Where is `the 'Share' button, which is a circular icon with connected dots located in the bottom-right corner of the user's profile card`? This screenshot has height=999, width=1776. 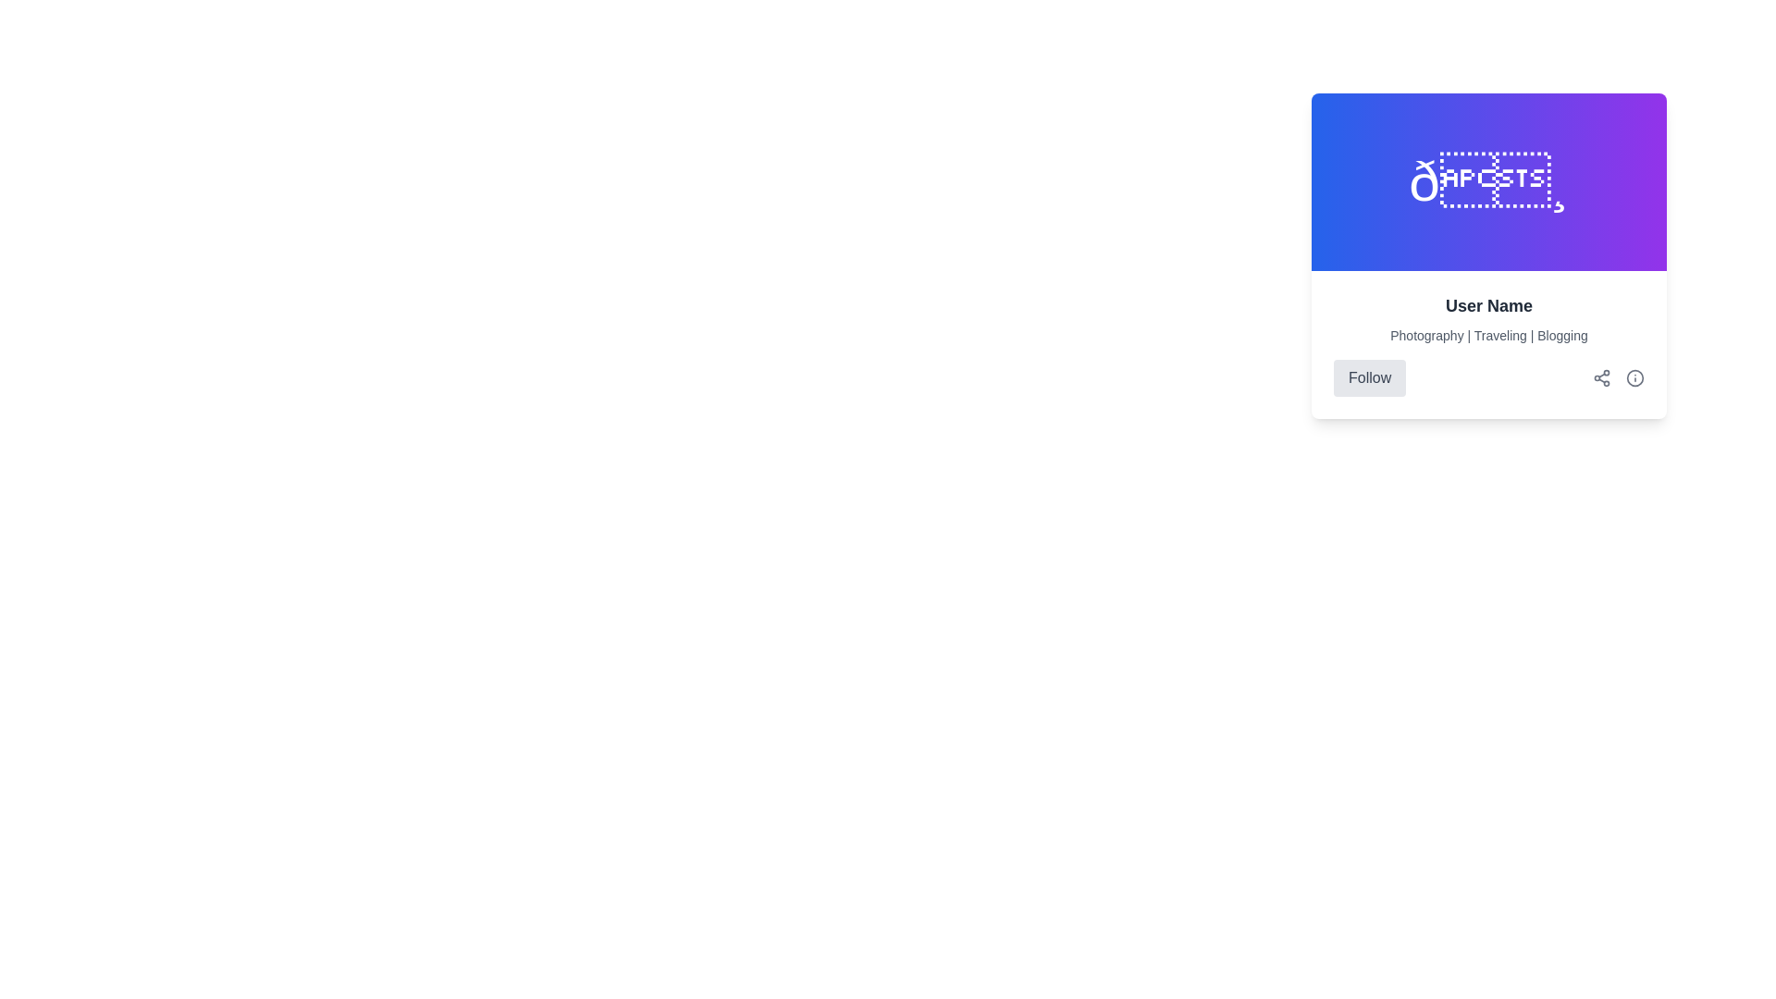
the 'Share' button, which is a circular icon with connected dots located in the bottom-right corner of the user's profile card is located at coordinates (1601, 376).